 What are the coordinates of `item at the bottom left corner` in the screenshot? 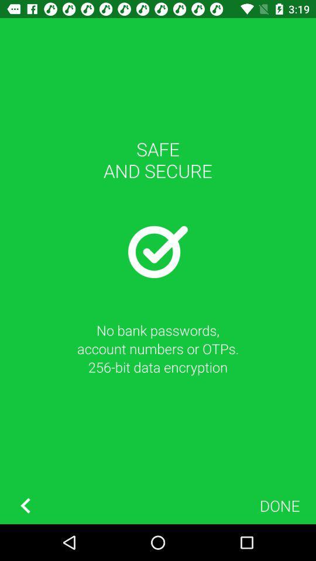 It's located at (25, 505).